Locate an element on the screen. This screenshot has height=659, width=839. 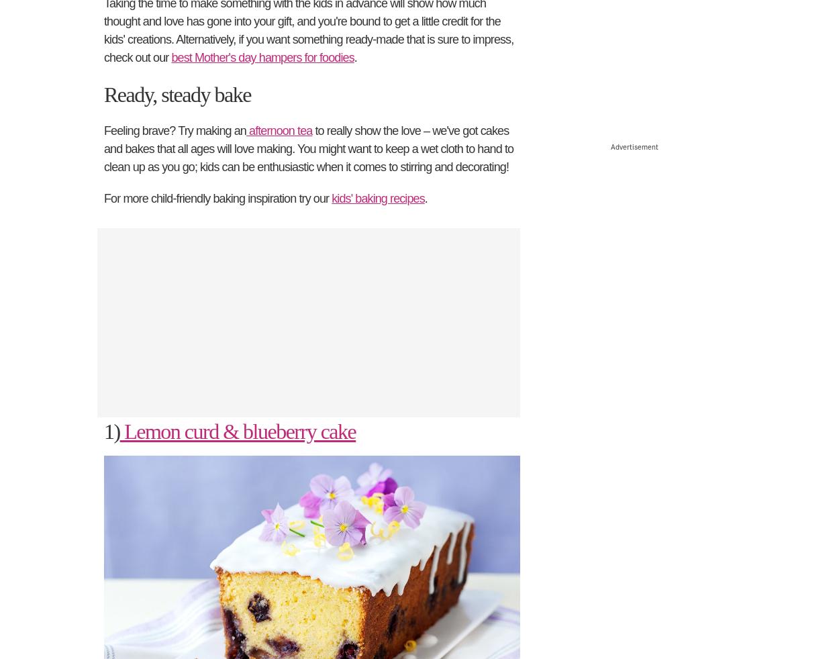
'Get the app' is located at coordinates (418, 480).